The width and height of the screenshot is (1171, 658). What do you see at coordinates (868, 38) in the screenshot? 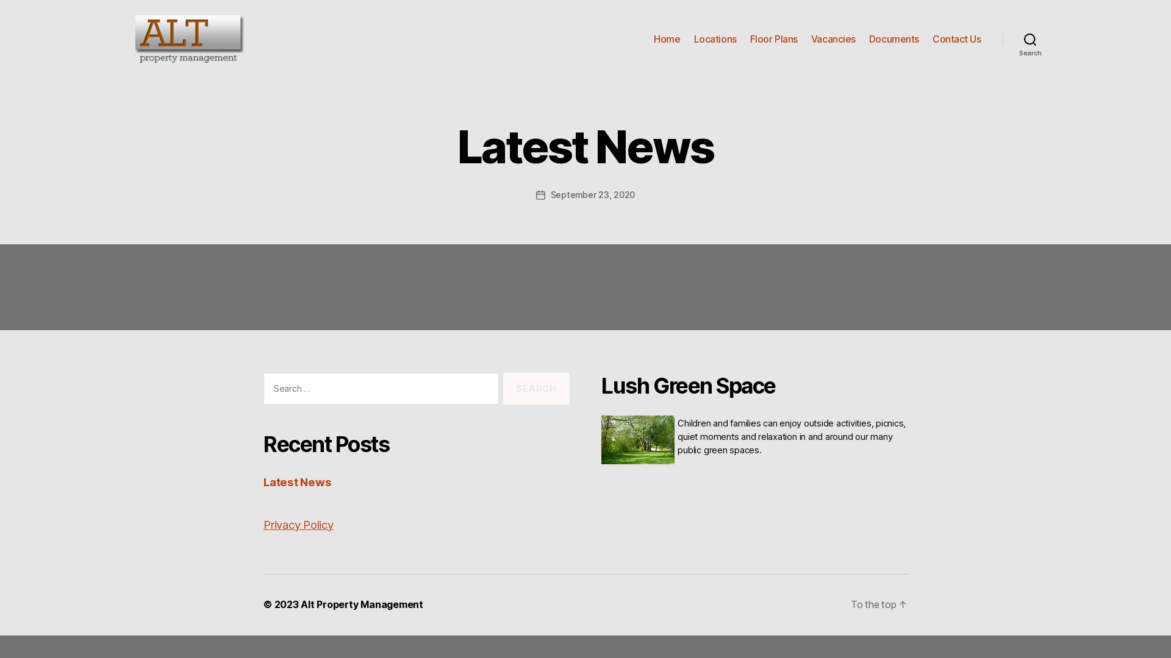
I see `'Documents'` at bounding box center [868, 38].